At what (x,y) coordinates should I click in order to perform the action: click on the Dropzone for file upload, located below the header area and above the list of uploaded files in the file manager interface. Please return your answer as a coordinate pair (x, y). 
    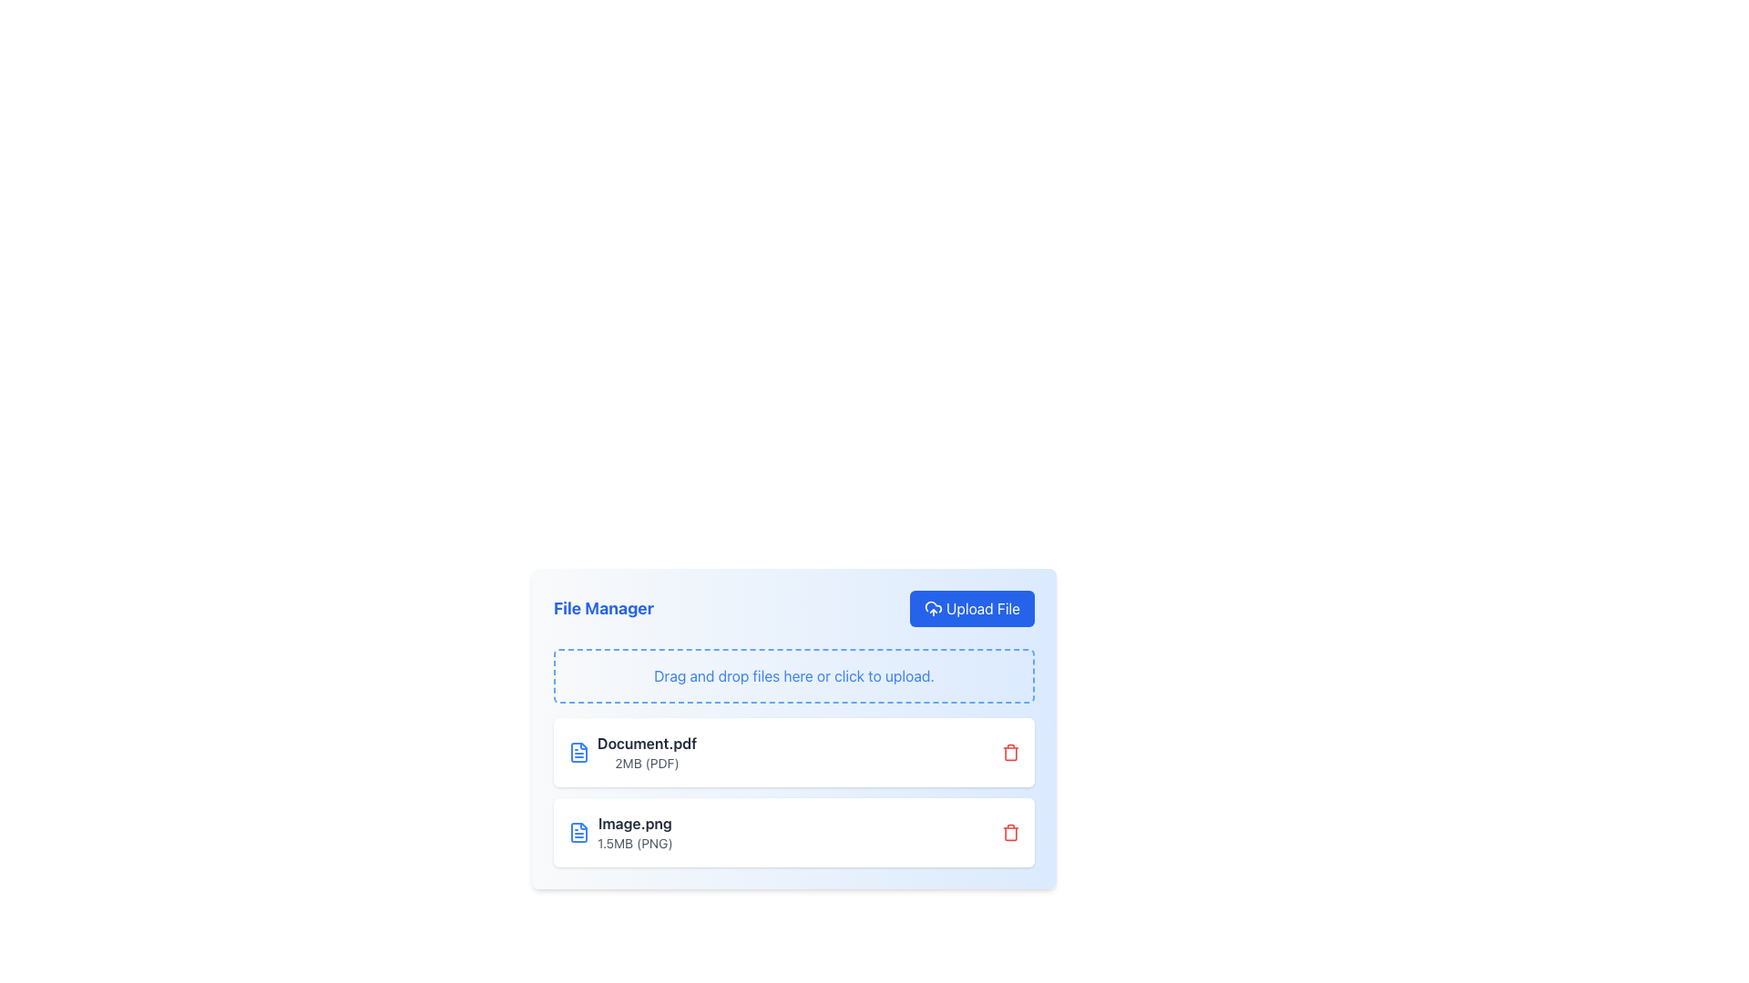
    Looking at the image, I should click on (794, 676).